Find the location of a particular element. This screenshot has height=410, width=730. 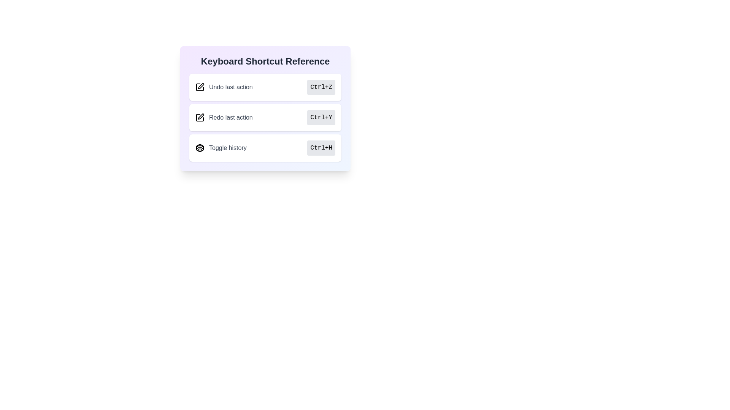

the cubic icon representing a box or package, which is located to the left of the 'Toggle history' label at the bottom of the displayed list is located at coordinates (200, 148).